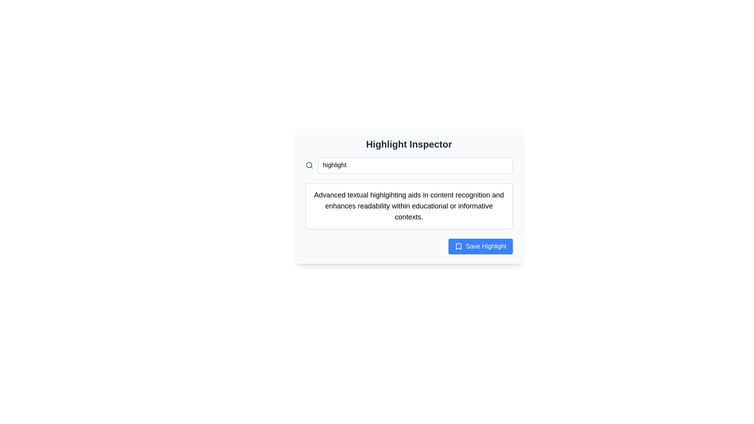 The image size is (754, 424). Describe the element at coordinates (408, 205) in the screenshot. I see `descriptive text from the text box located beneath the 'highlight' search input and above the 'Save Highlight' button` at that location.